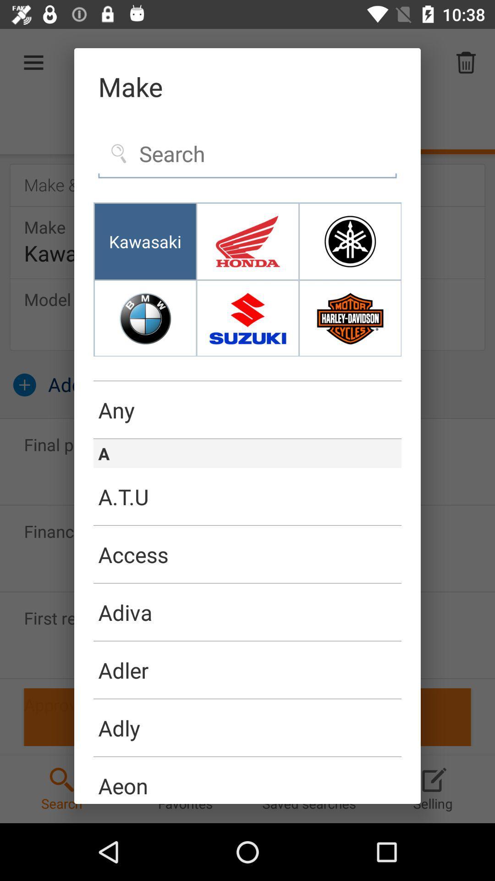 This screenshot has width=495, height=881. I want to click on item below the adiva, so click(247, 670).